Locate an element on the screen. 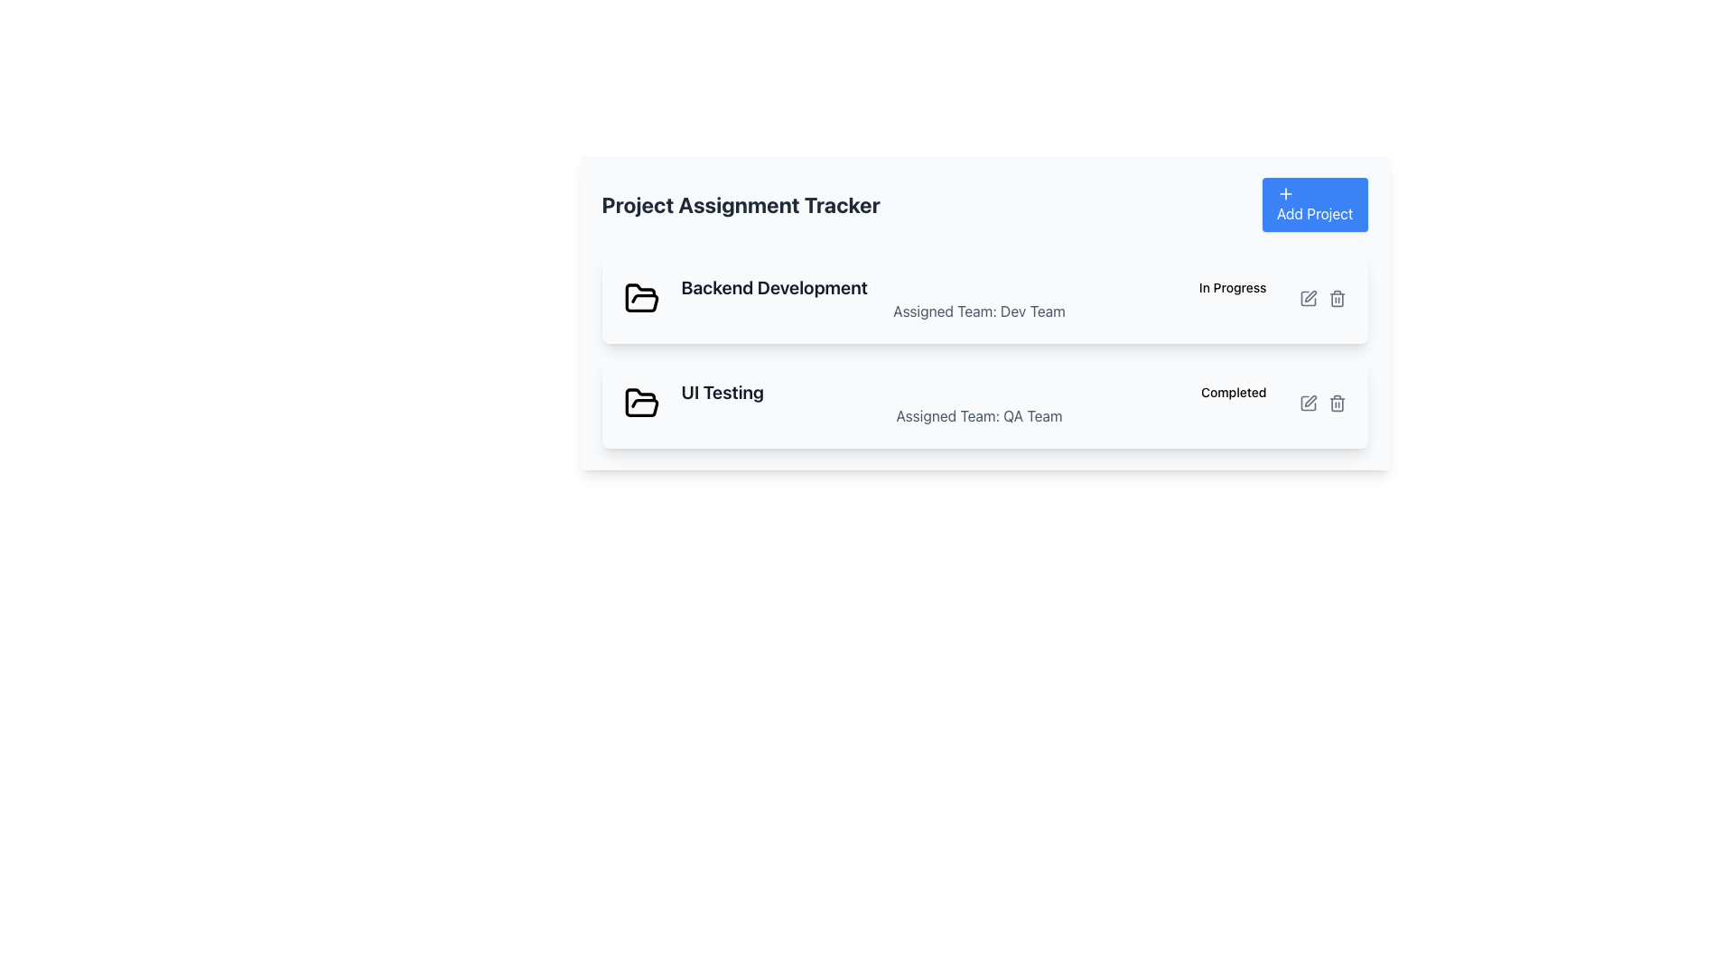  the edit icon located in the second project status row, to the right of the 'In Progress' label and next to the trash icon is located at coordinates (1310, 295).